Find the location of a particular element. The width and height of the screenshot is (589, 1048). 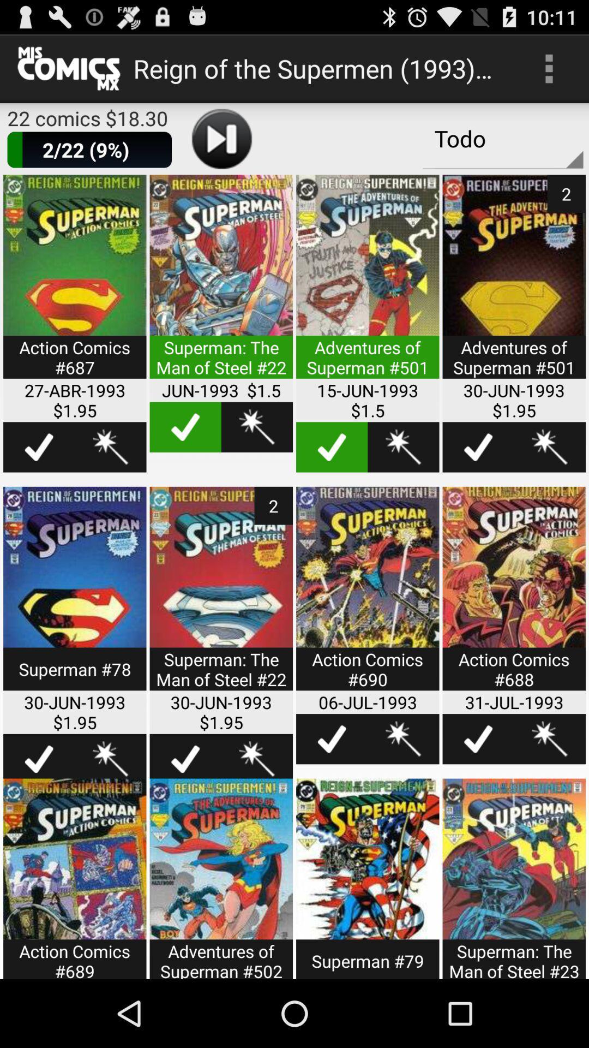

right buton is located at coordinates (478, 447).